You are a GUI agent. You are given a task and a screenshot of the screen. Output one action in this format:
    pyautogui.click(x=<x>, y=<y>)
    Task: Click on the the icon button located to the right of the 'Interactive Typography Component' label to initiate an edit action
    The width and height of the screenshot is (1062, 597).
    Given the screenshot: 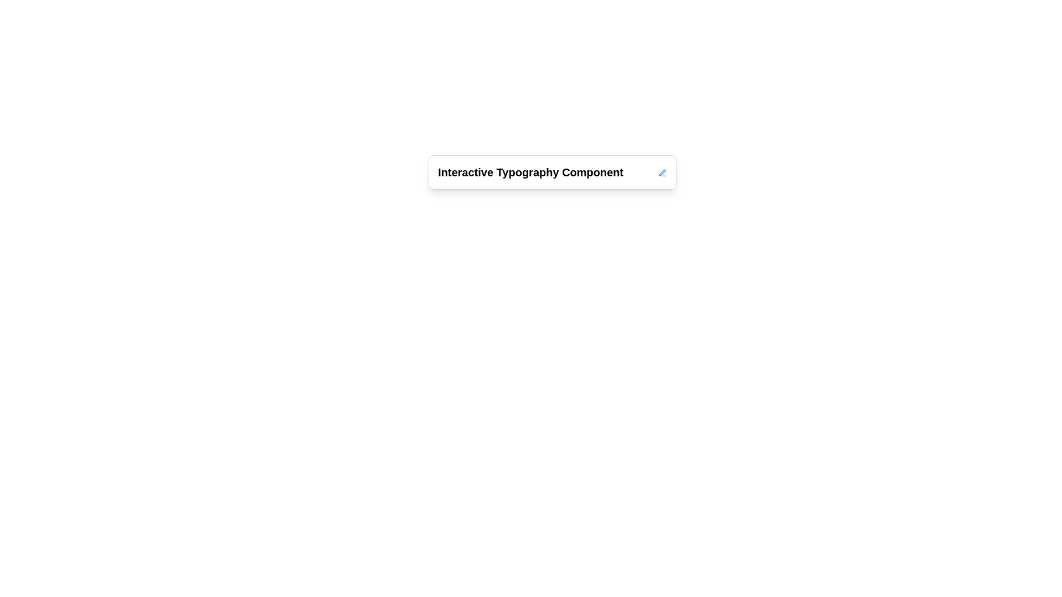 What is the action you would take?
    pyautogui.click(x=663, y=172)
    